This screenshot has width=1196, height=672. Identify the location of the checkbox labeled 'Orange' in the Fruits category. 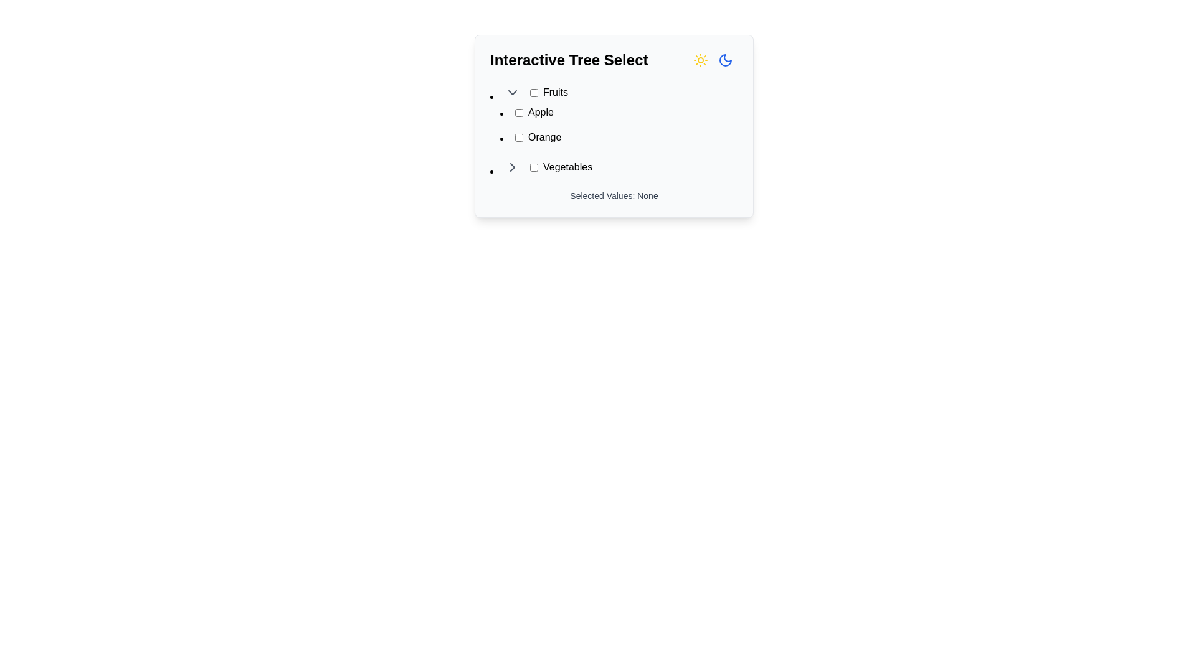
(614, 137).